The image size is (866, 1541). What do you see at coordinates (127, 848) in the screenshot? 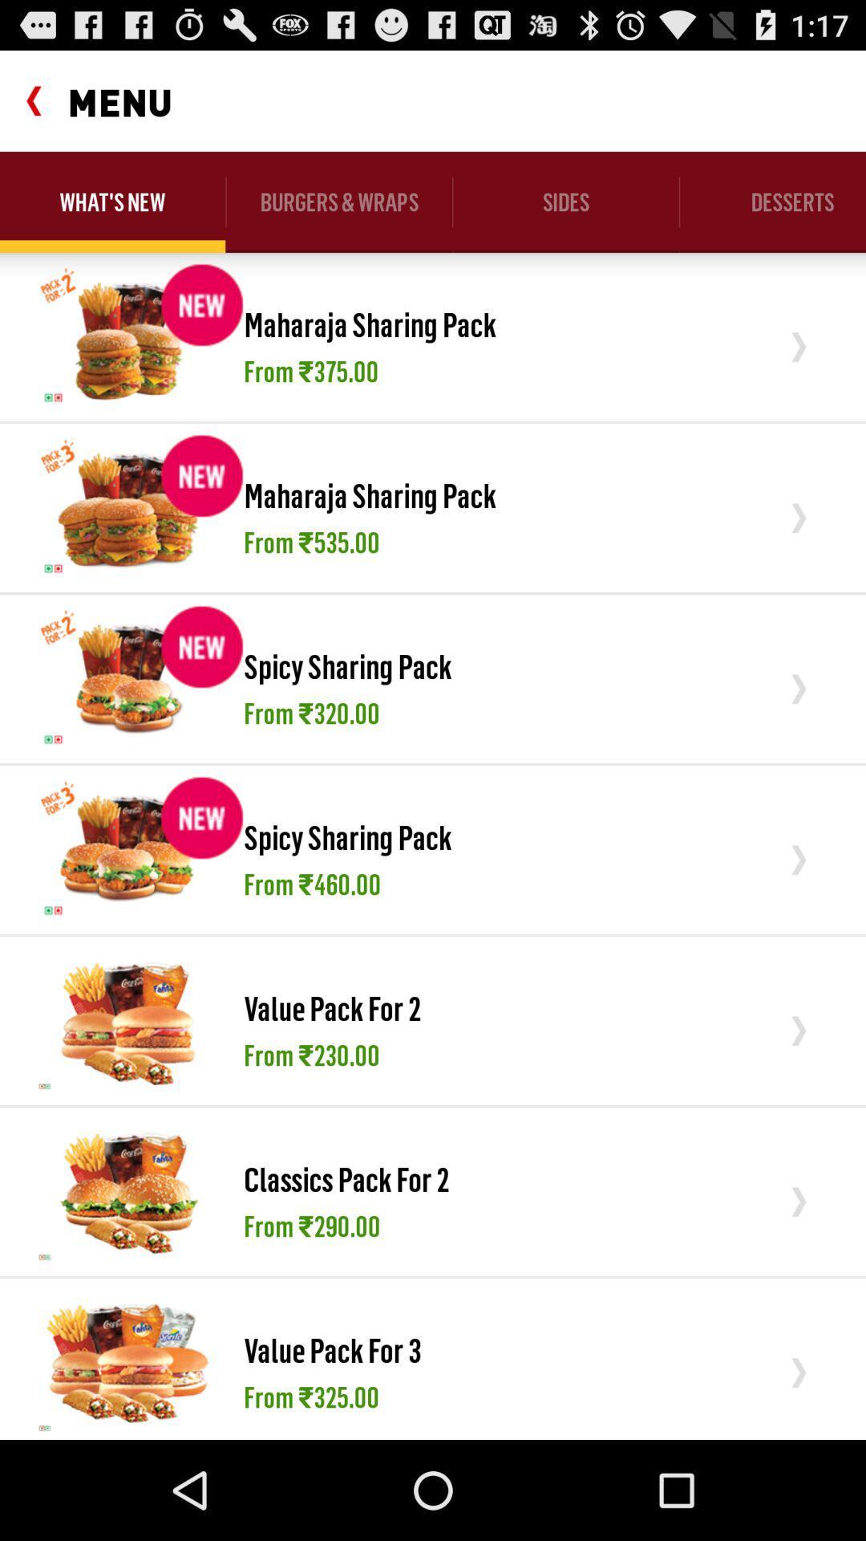
I see `the item next to spicy sharing pack item` at bounding box center [127, 848].